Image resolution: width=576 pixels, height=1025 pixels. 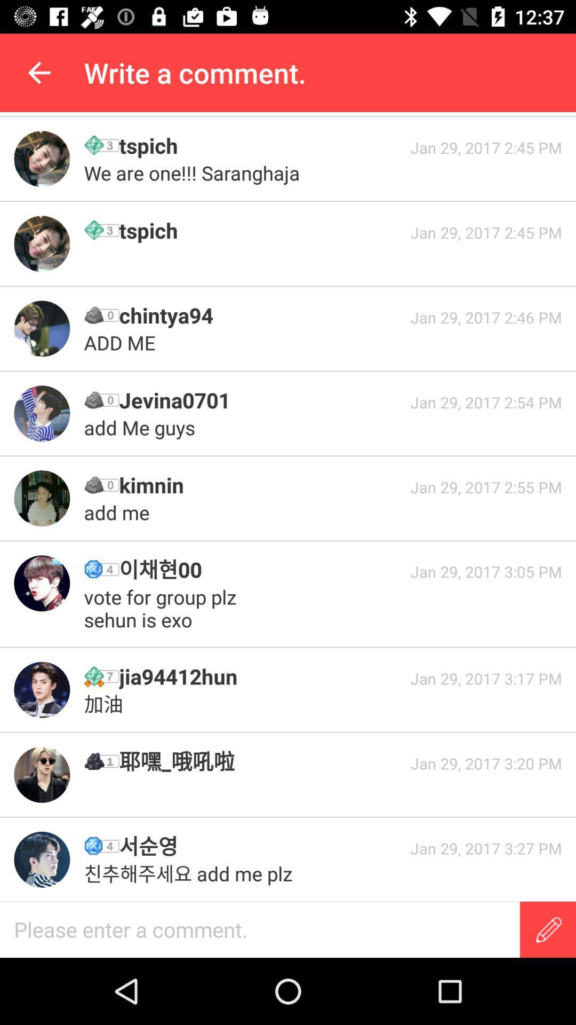 What do you see at coordinates (41, 860) in the screenshot?
I see `contact` at bounding box center [41, 860].